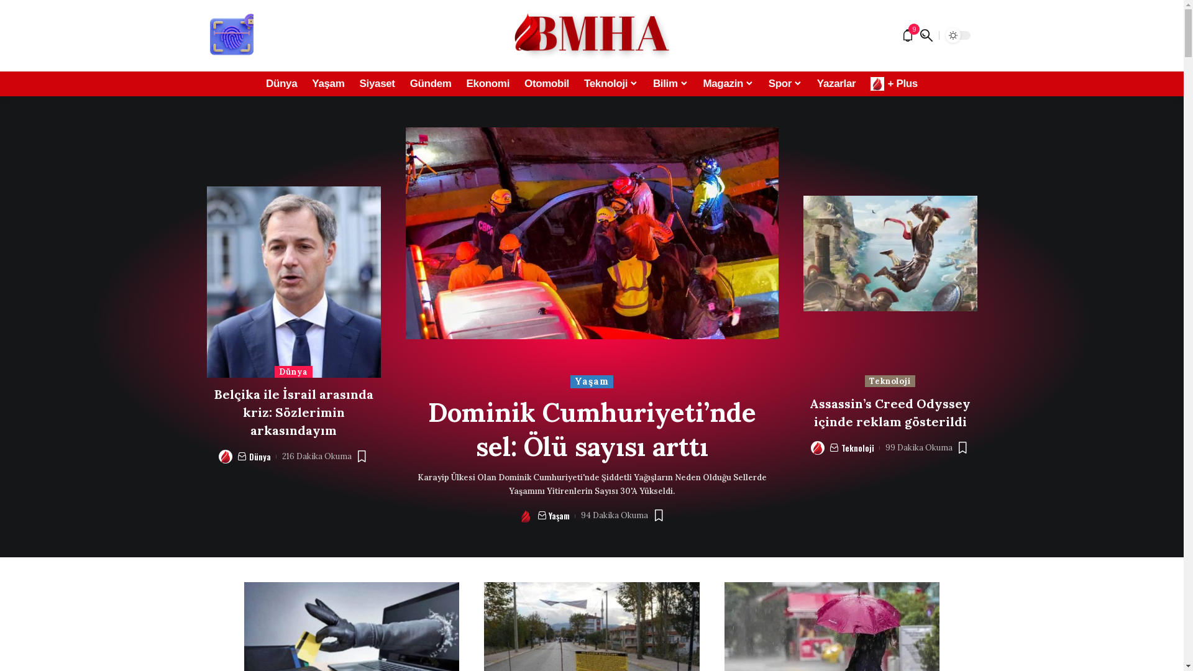 The width and height of the screenshot is (1193, 671). I want to click on 'Yazarlar', so click(836, 84).